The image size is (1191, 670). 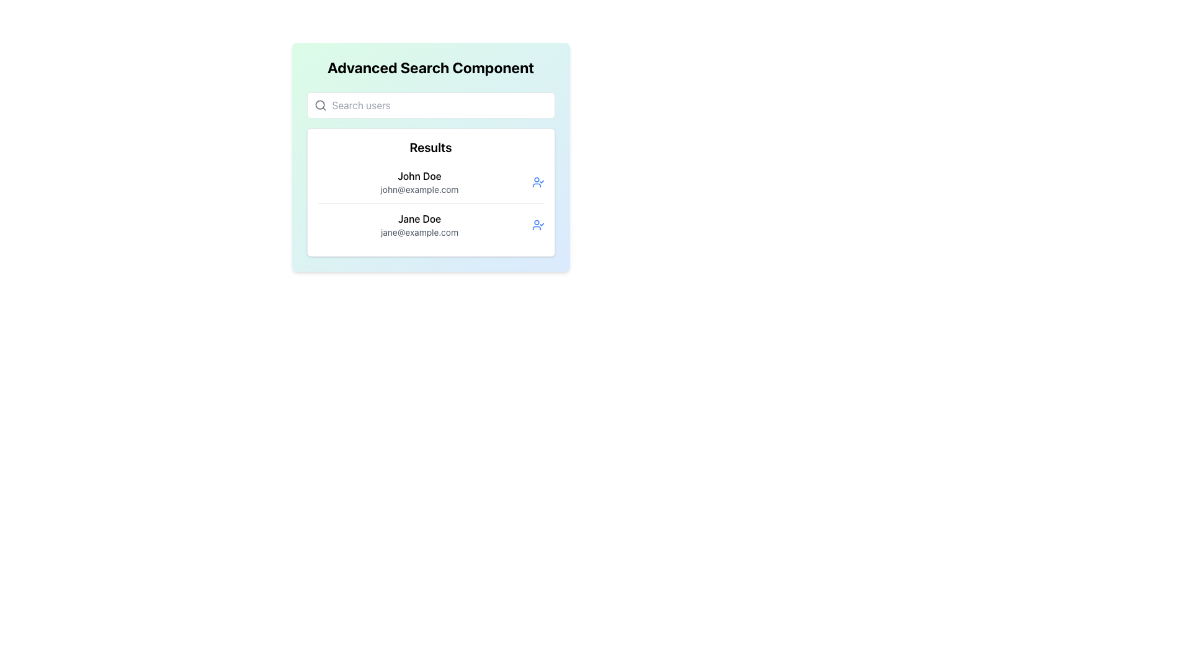 I want to click on the blue icon button resembling a user avatar with a checkmark, located to the right of 'John Doe' and 'john@example.com', so click(x=538, y=182).